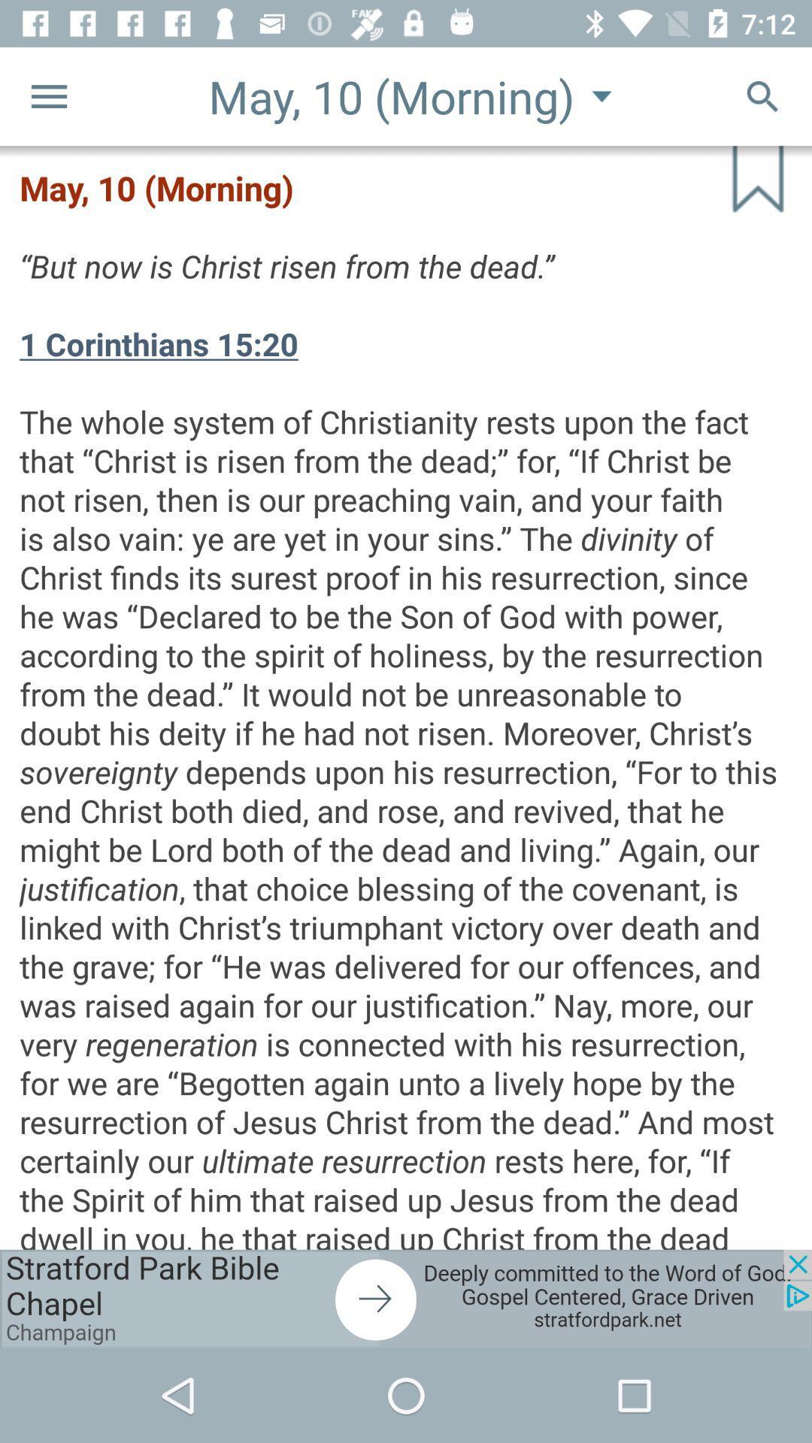  I want to click on the search icon, so click(762, 95).